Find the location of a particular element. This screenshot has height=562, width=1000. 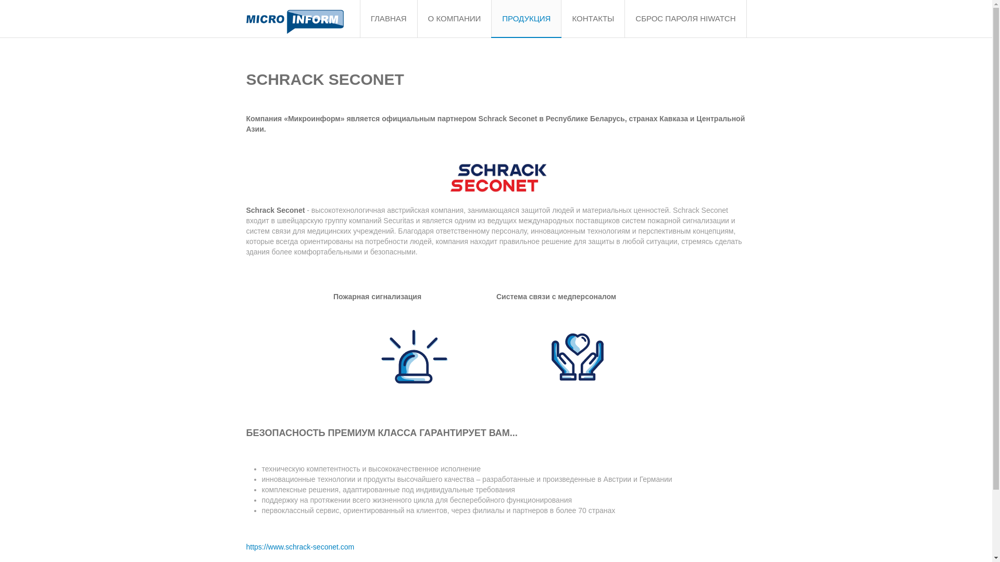

'https://www.schrack-seconet.com' is located at coordinates (299, 546).